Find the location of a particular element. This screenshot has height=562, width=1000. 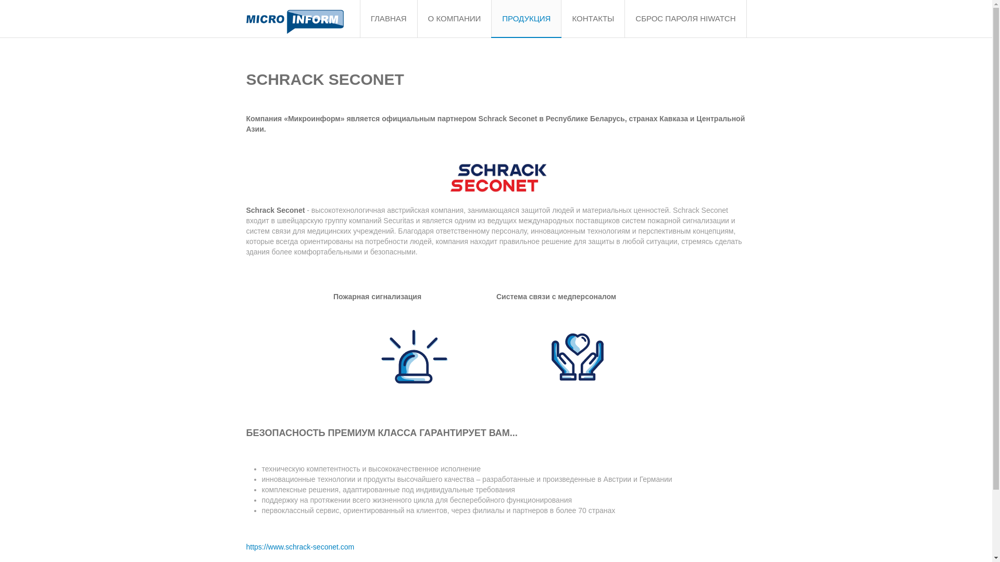

'https://www.schrack-seconet.com' is located at coordinates (299, 546).